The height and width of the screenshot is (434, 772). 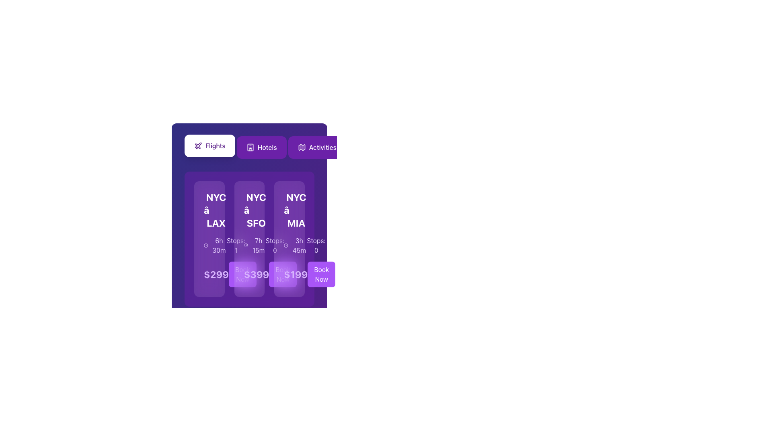 What do you see at coordinates (286, 245) in the screenshot?
I see `the circular icon on the left side of the third column in the itinerary cards, which indicates time-related data` at bounding box center [286, 245].